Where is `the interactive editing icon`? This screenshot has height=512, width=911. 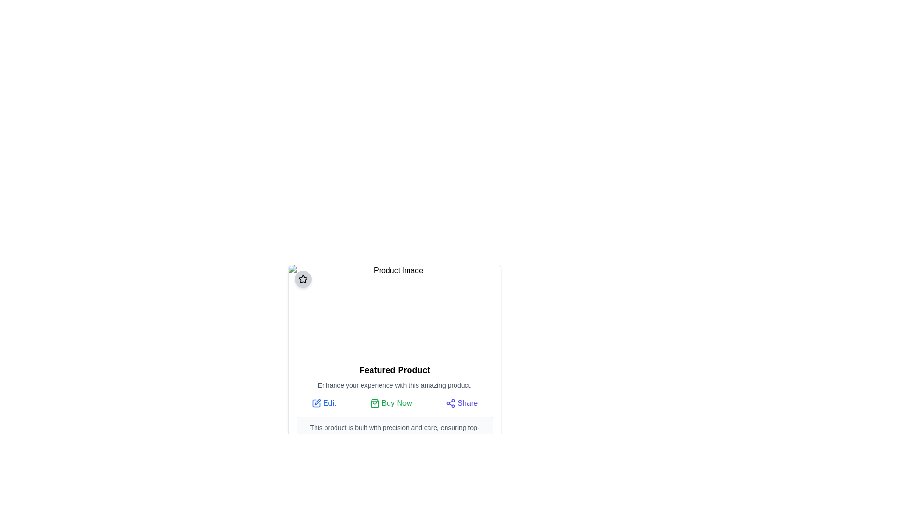
the interactive editing icon is located at coordinates (317, 402).